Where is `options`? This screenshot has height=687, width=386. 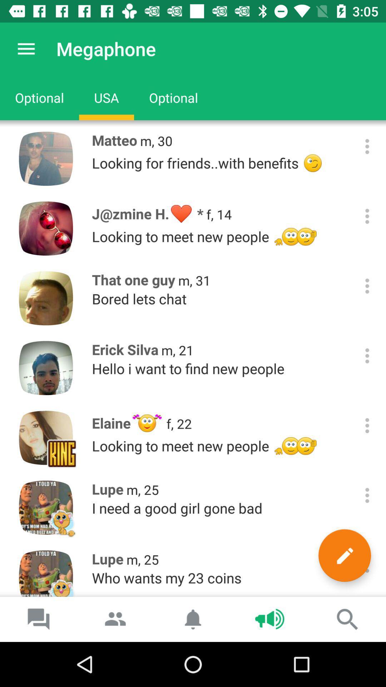
options is located at coordinates (367, 146).